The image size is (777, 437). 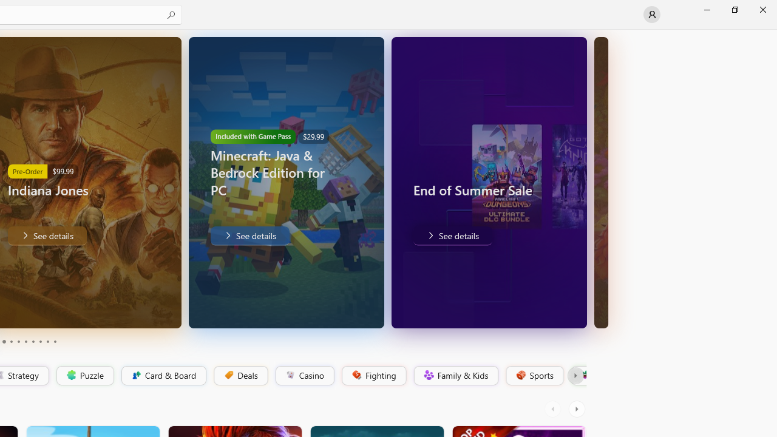 What do you see at coordinates (39, 342) in the screenshot?
I see `'Page 8'` at bounding box center [39, 342].